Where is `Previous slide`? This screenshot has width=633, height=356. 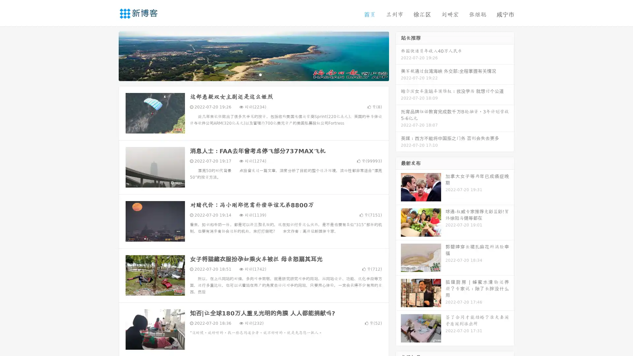 Previous slide is located at coordinates (109, 55).